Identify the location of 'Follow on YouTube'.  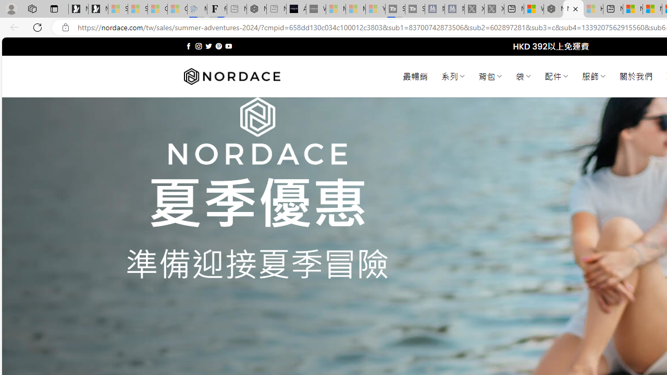
(228, 46).